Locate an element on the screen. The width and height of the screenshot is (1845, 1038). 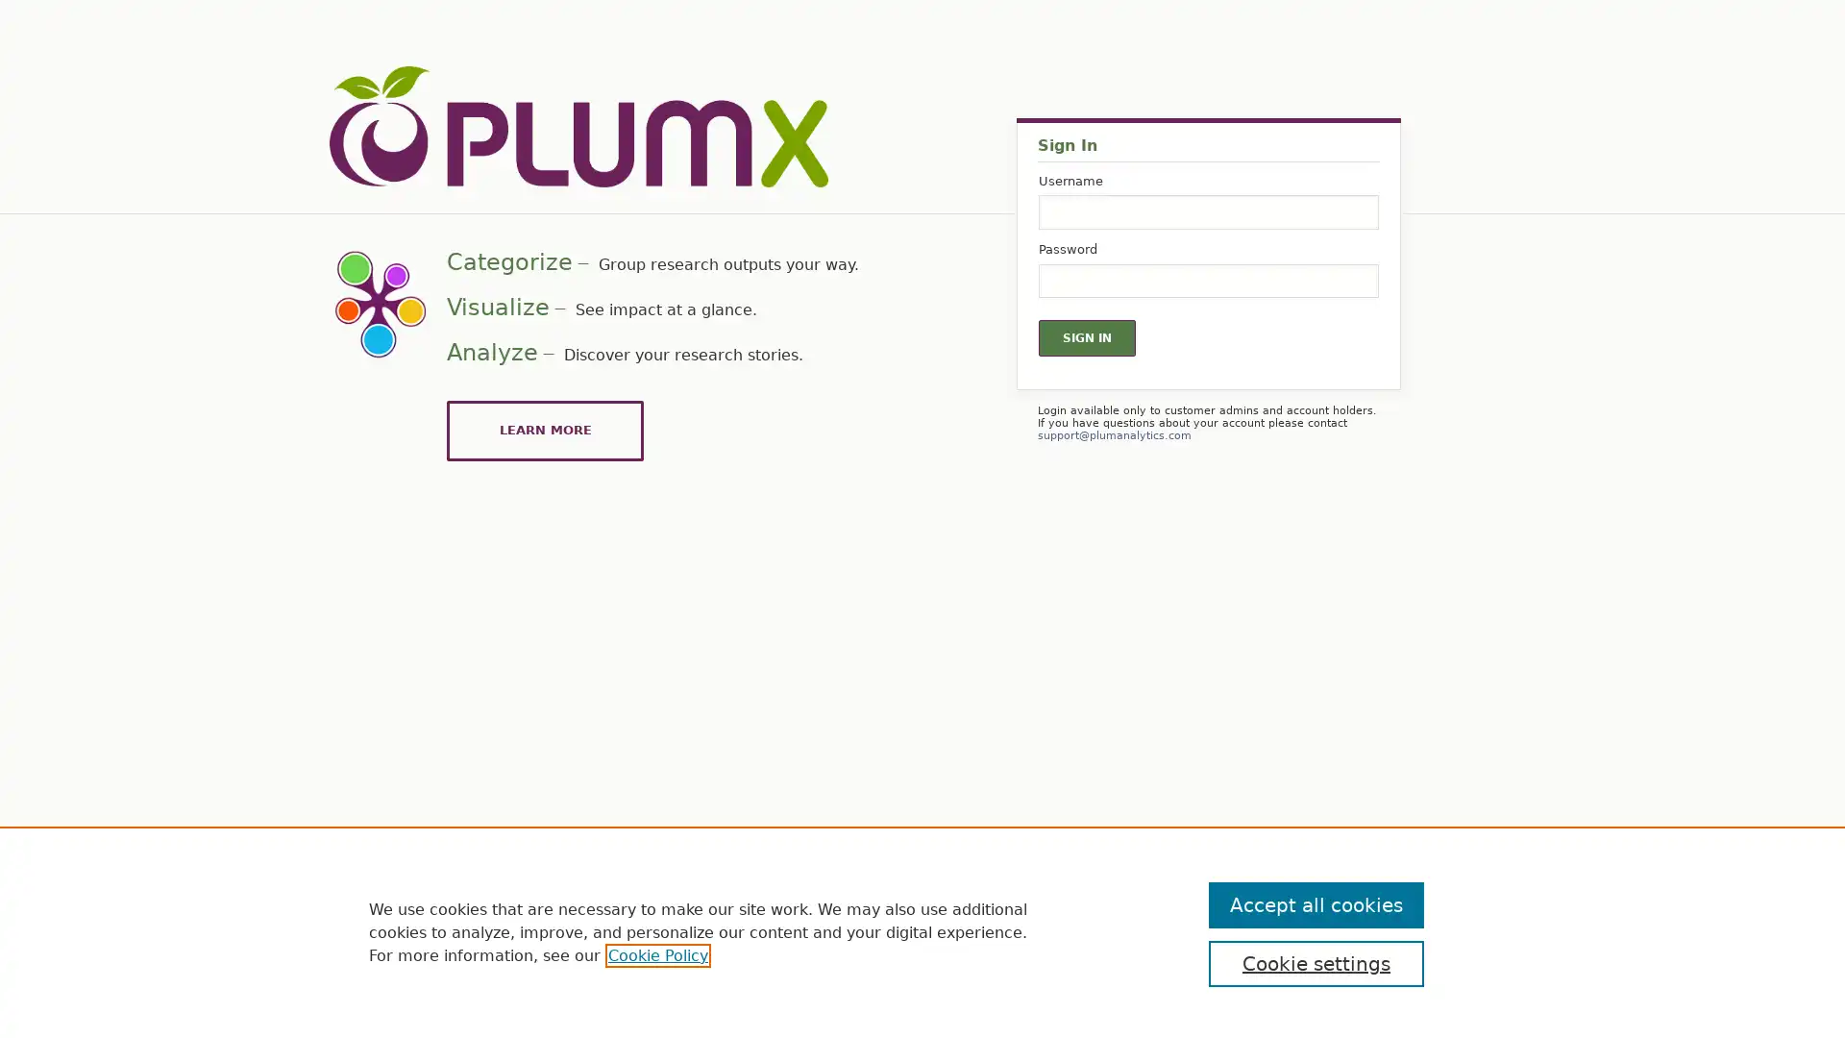
Sign In is located at coordinates (1086, 336).